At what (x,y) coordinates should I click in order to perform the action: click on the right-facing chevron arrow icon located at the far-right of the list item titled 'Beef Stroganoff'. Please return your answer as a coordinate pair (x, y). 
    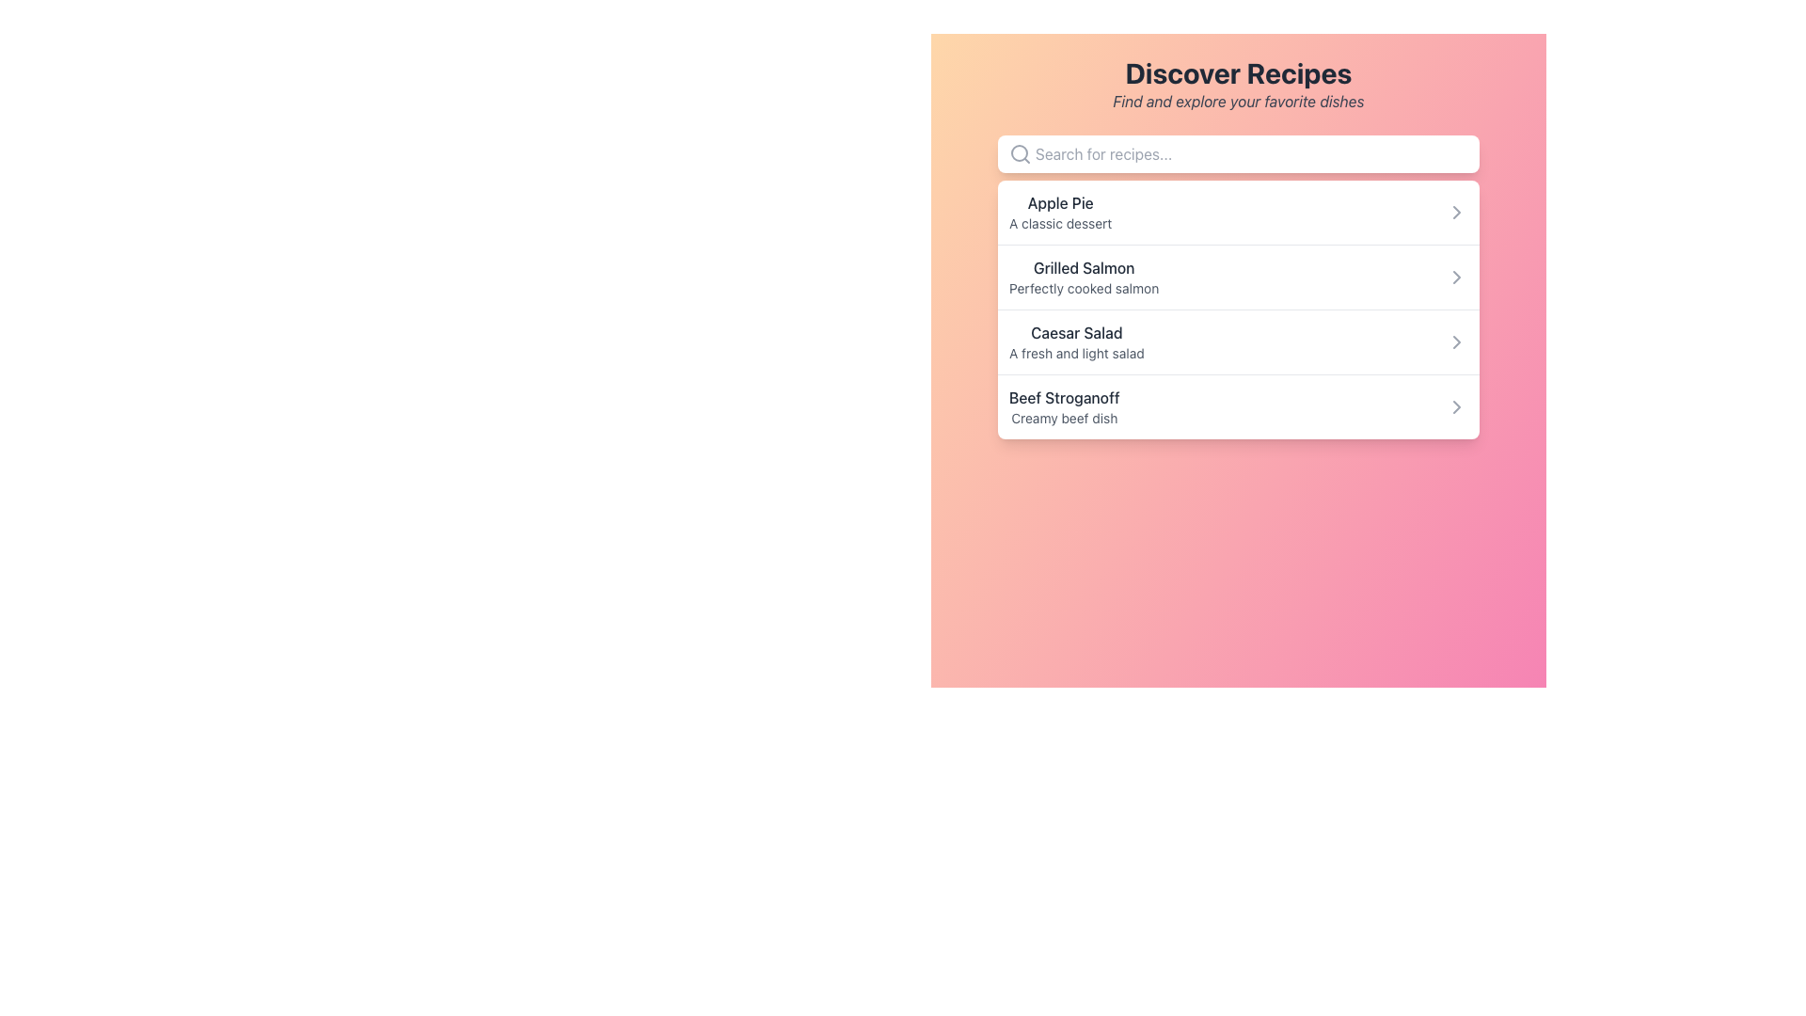
    Looking at the image, I should click on (1456, 405).